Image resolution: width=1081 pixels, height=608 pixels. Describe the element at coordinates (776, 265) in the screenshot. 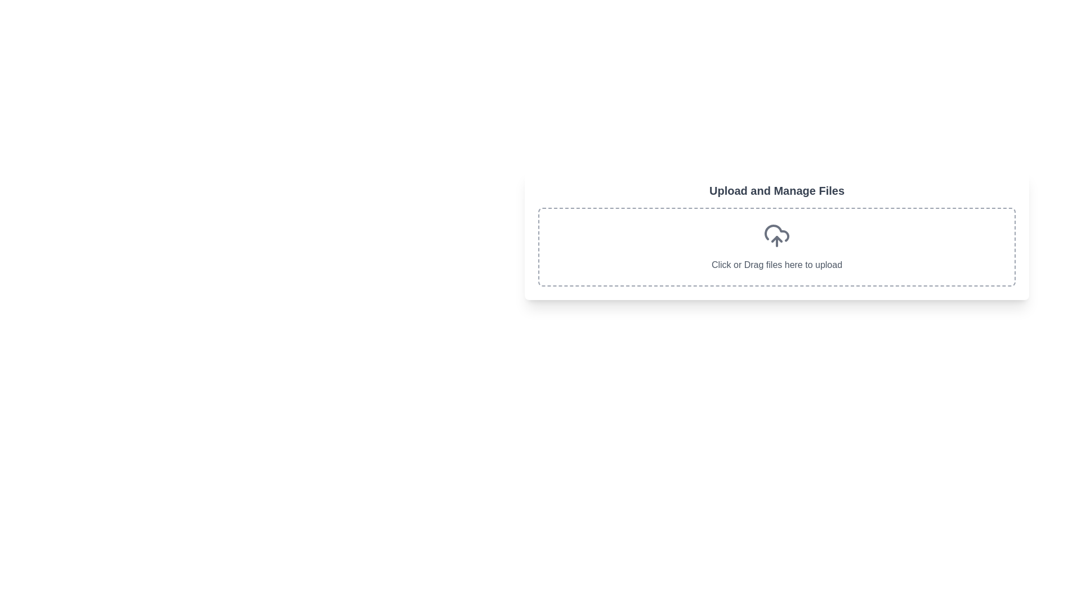

I see `the instructional text label guiding users on how to use the drag-and-drop feature for file uploads, located at the bottom of the upload zone` at that location.